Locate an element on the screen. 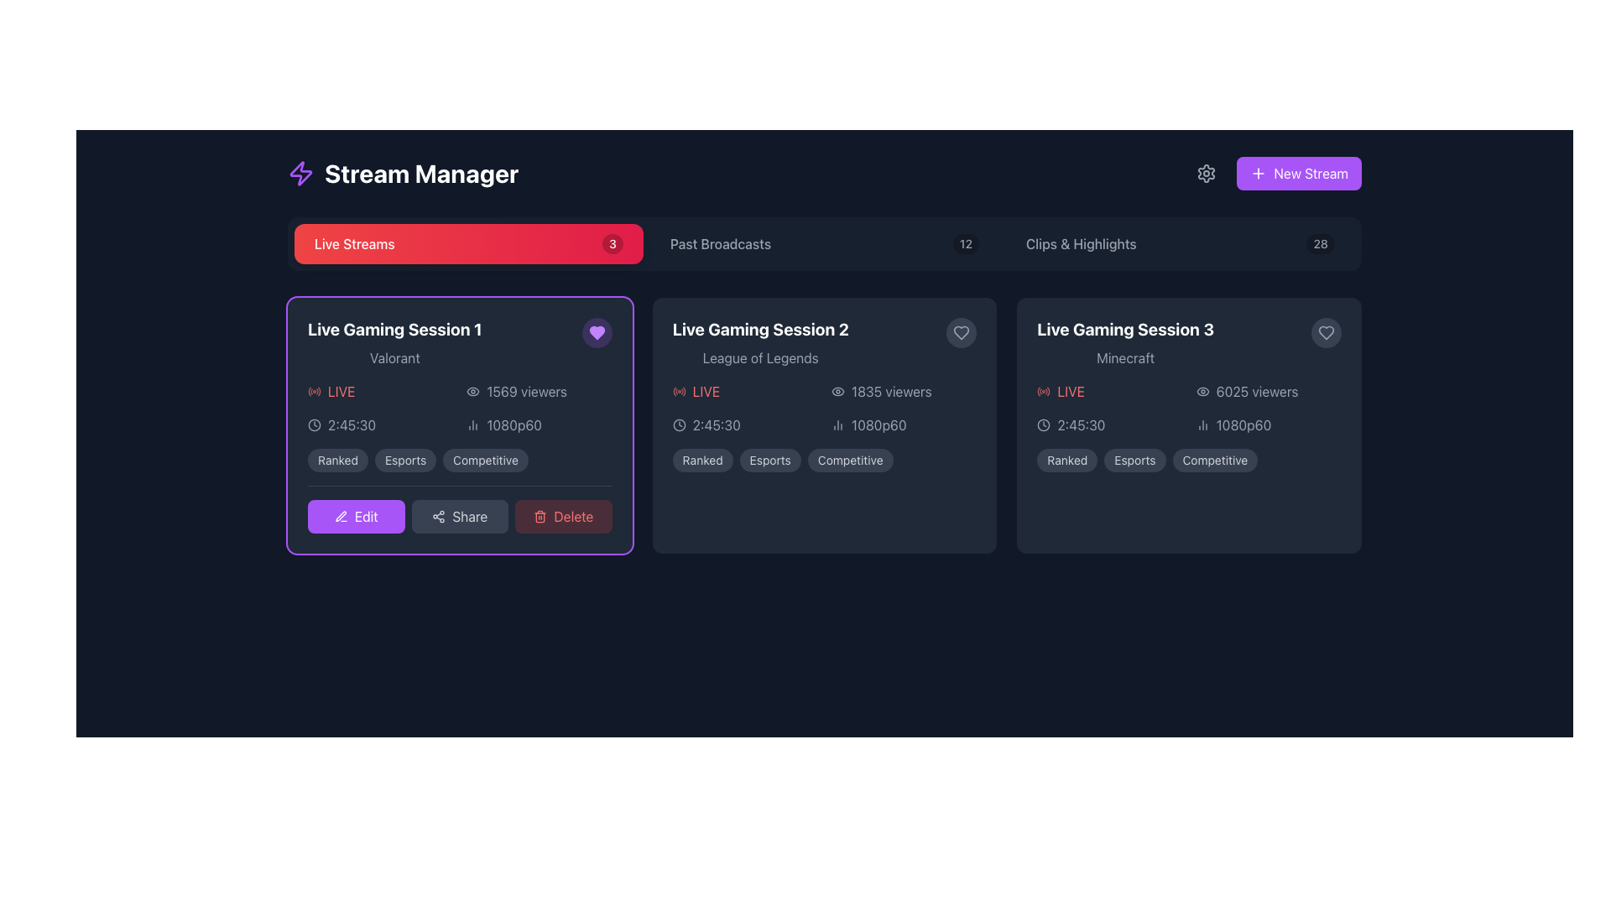 This screenshot has width=1611, height=906. the 'Delete' text within the rounded button located at the bottom-right corner of the 'Live Gaming Session 1' card, which features a trash icon is located at coordinates (573, 516).